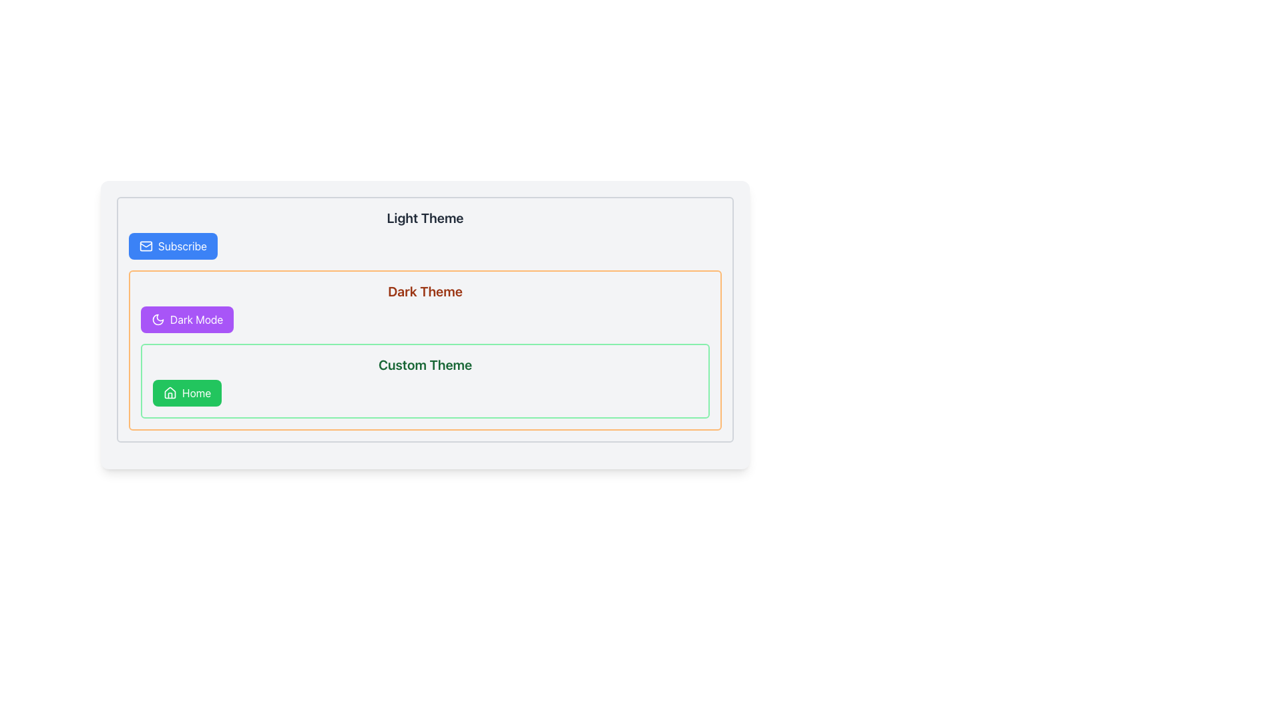 The height and width of the screenshot is (721, 1282). What do you see at coordinates (169, 391) in the screenshot?
I see `the decorative 'Home' icon located in the lower section of the 'Custom Theme' group, which is styled as an SVG with the class 'lucide lucide-house'` at bounding box center [169, 391].